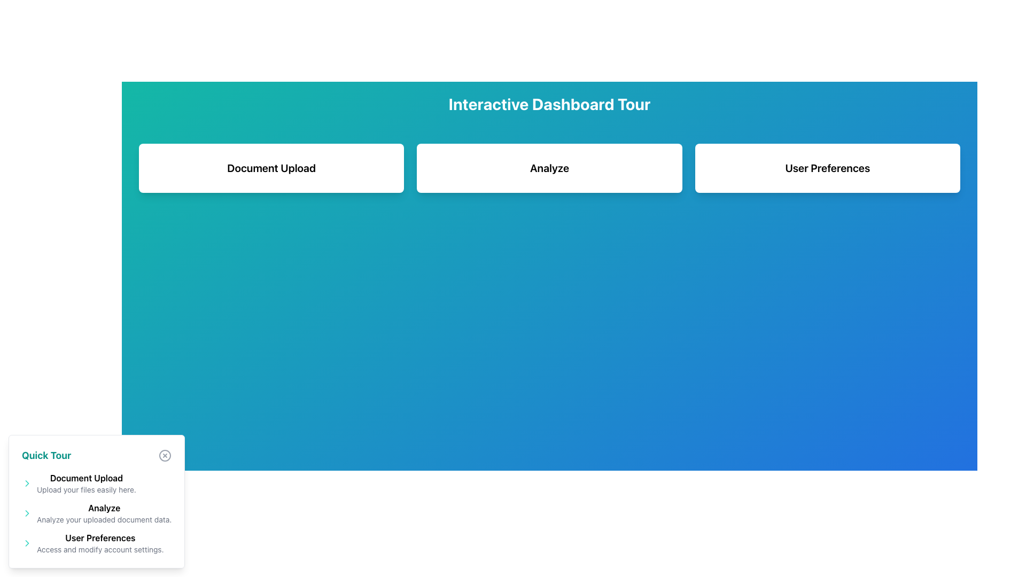  I want to click on the static header text that introduces the page or section, positioned at the top-center above the content area, so click(549, 104).